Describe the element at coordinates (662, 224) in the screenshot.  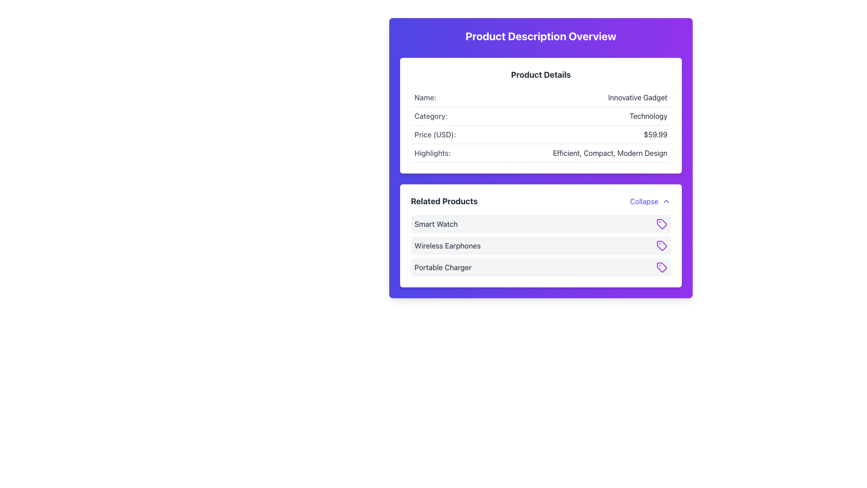
I see `the decorative icon representing the 'Smart Watch' in the 'Related Products' section` at that location.